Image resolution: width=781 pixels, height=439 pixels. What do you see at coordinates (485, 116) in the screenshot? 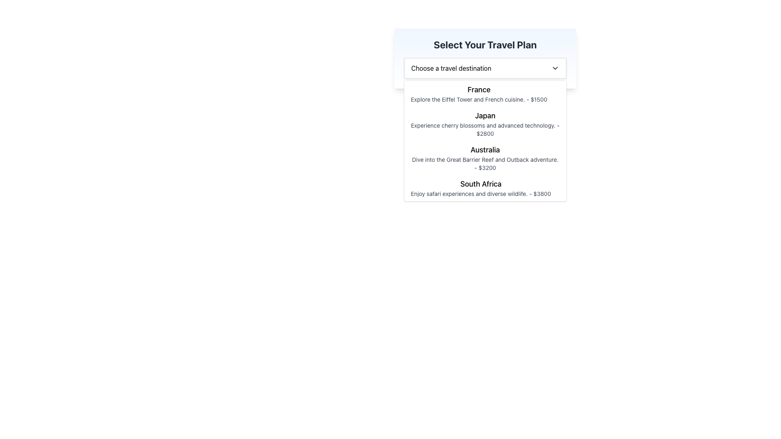
I see `the Text Label that identifies the travel option directly below 'France' in the dropdown menu` at bounding box center [485, 116].